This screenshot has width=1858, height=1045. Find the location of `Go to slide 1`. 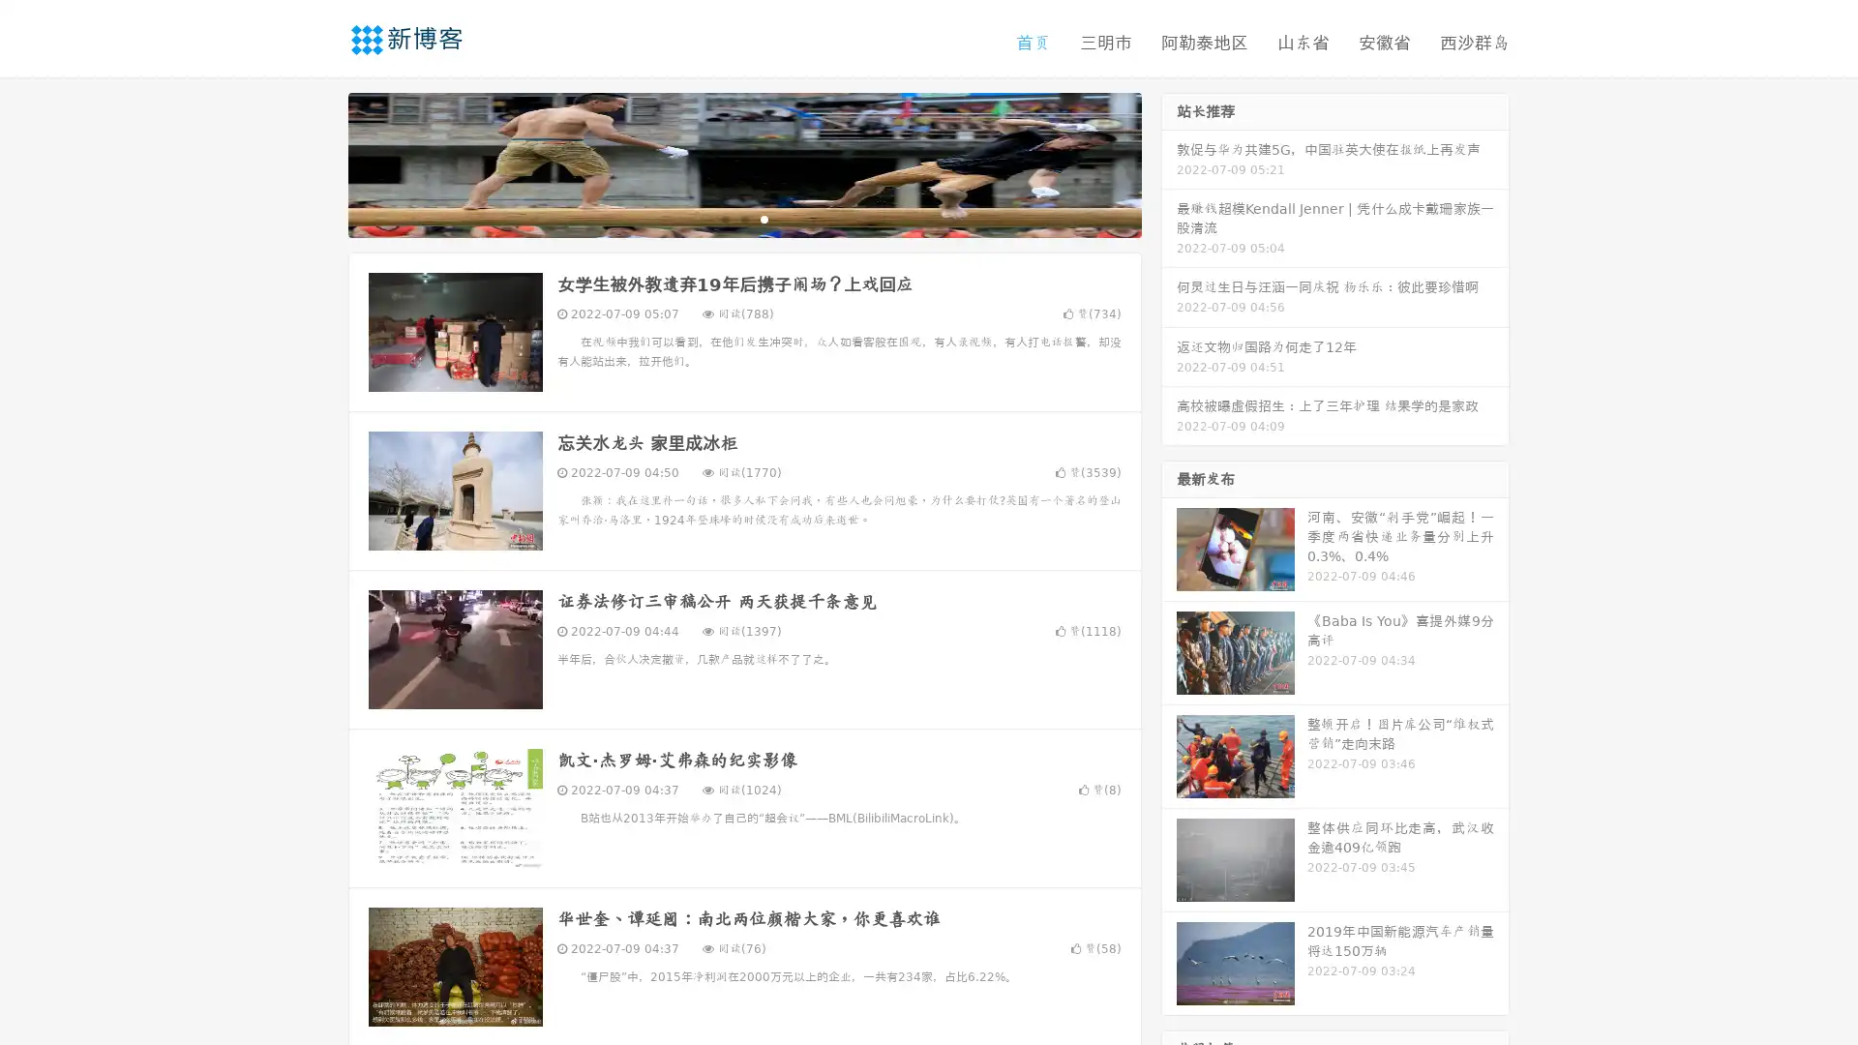

Go to slide 1 is located at coordinates (724, 218).